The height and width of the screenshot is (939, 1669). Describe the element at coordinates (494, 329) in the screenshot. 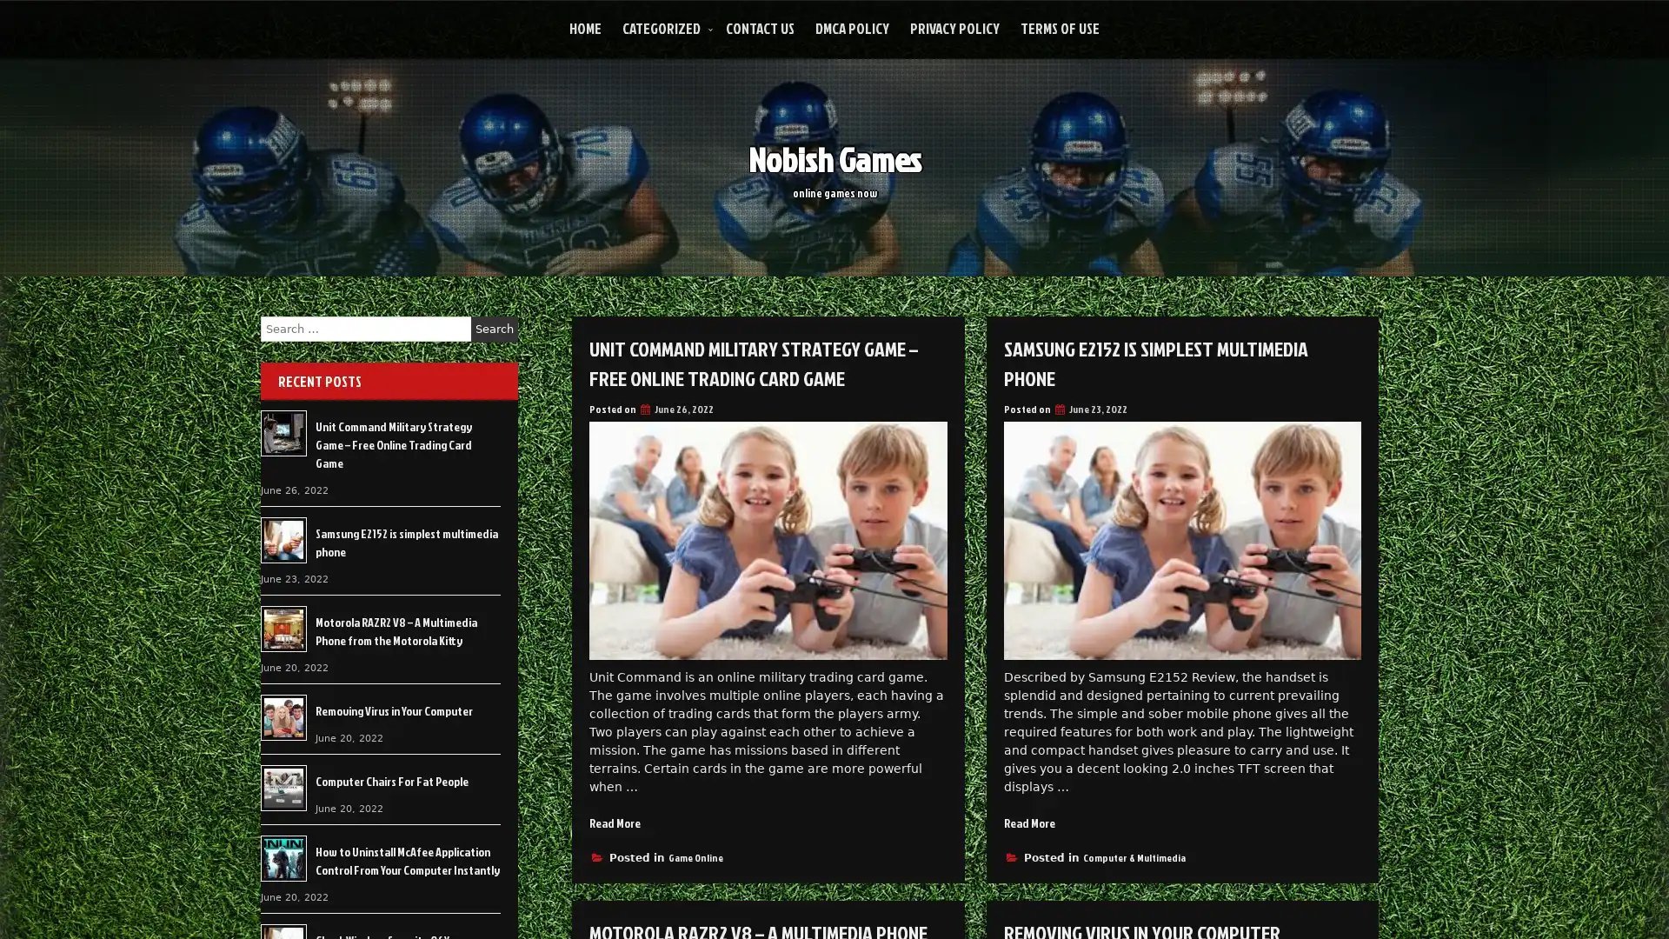

I see `Search` at that location.